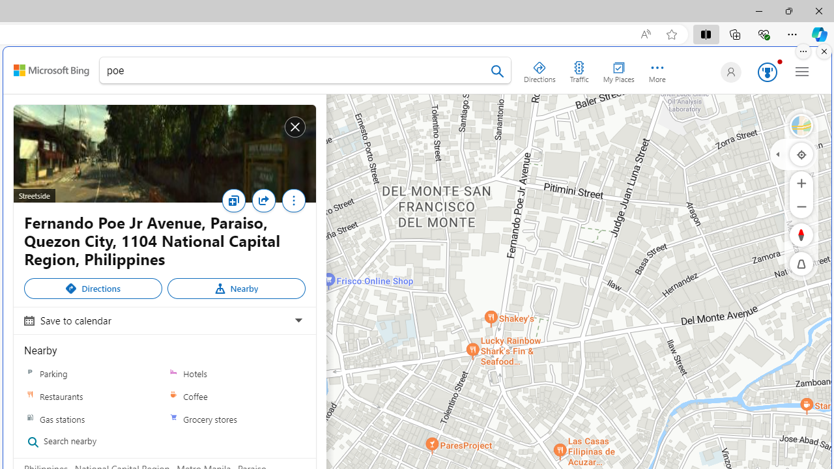  I want to click on 'Microsoft Rewards 123', so click(766, 72).